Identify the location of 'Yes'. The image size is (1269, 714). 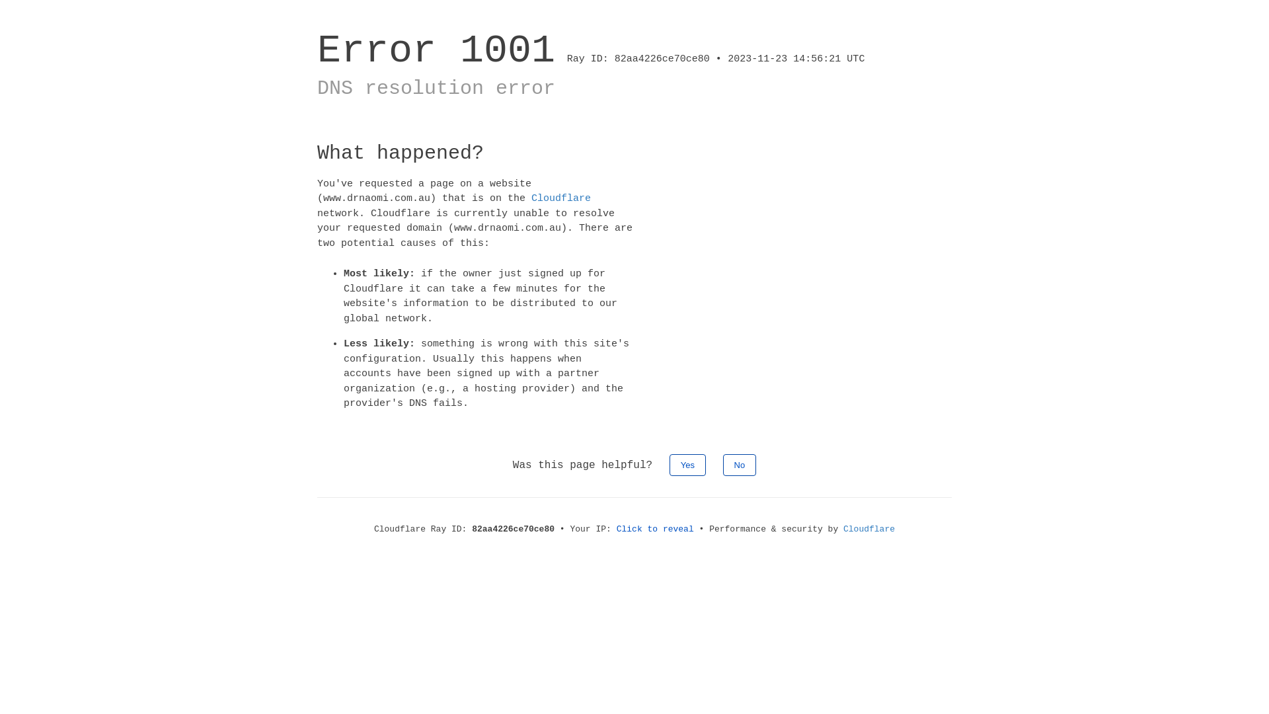
(687, 463).